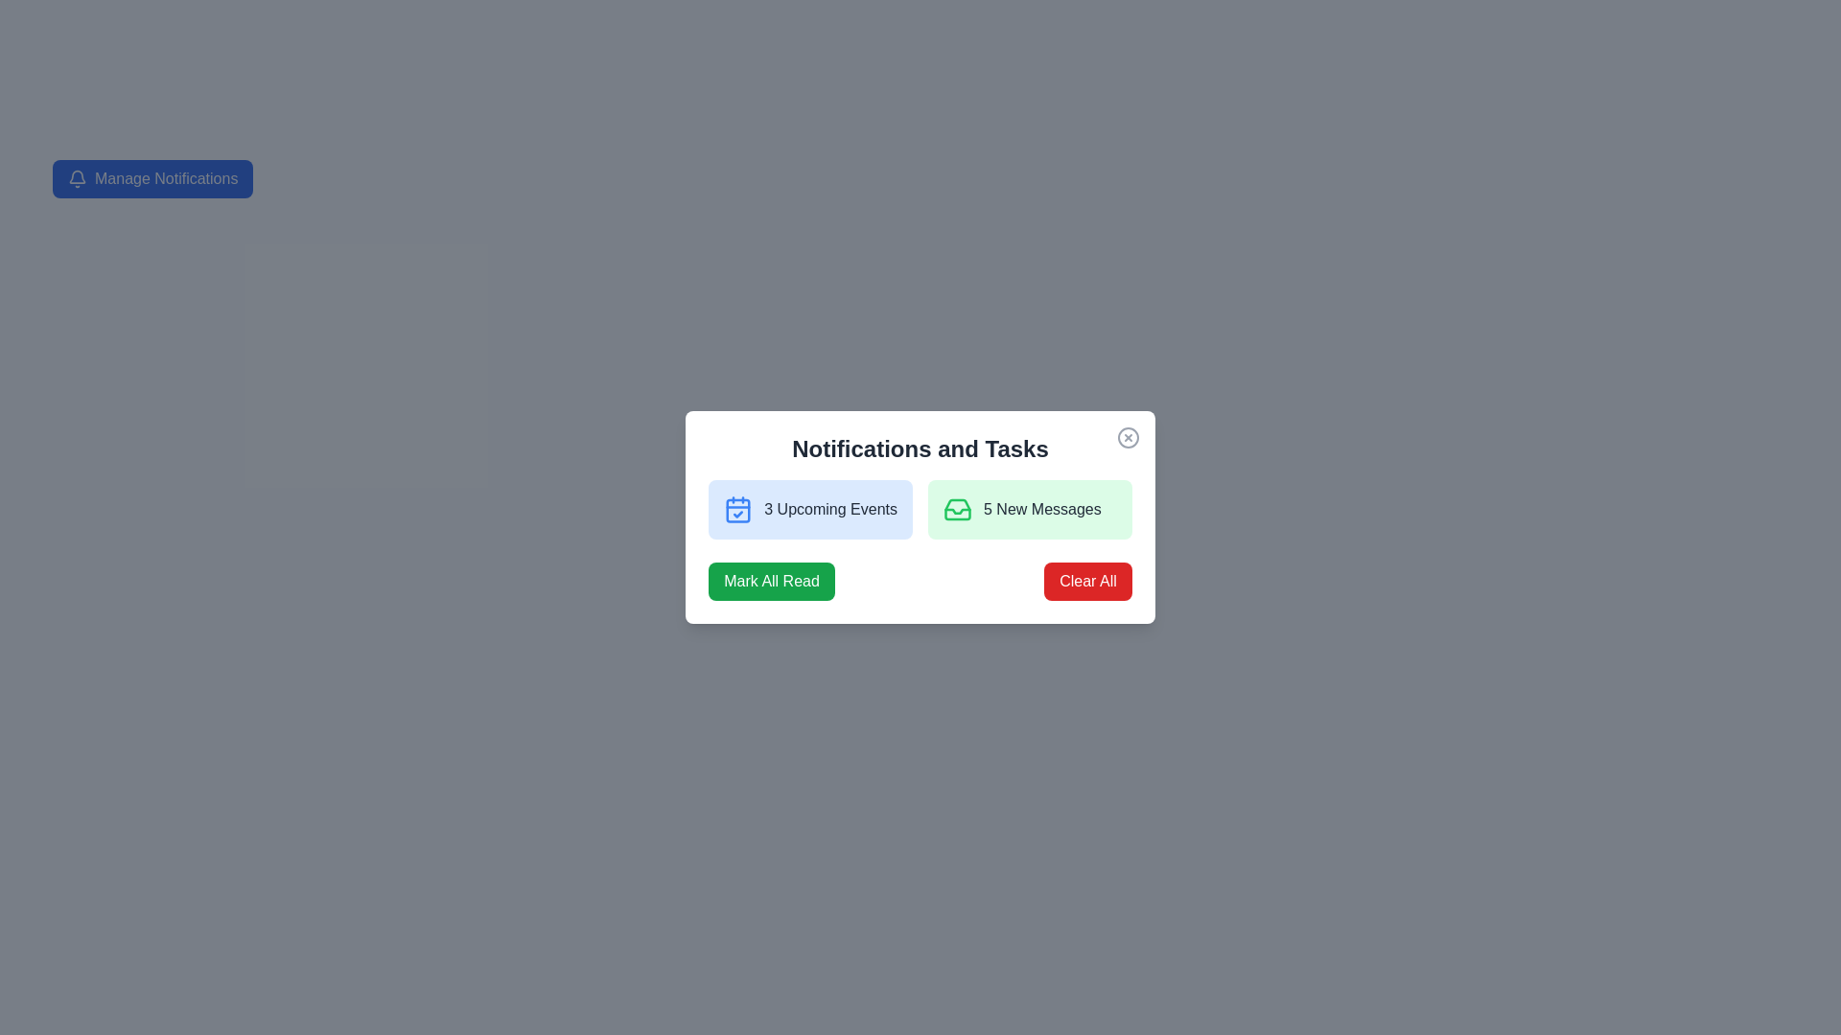 The image size is (1841, 1035). I want to click on the calendar icon within the 'Notifications and Tasks' notification card, which precedes the text '3 Upcoming Events', so click(737, 509).